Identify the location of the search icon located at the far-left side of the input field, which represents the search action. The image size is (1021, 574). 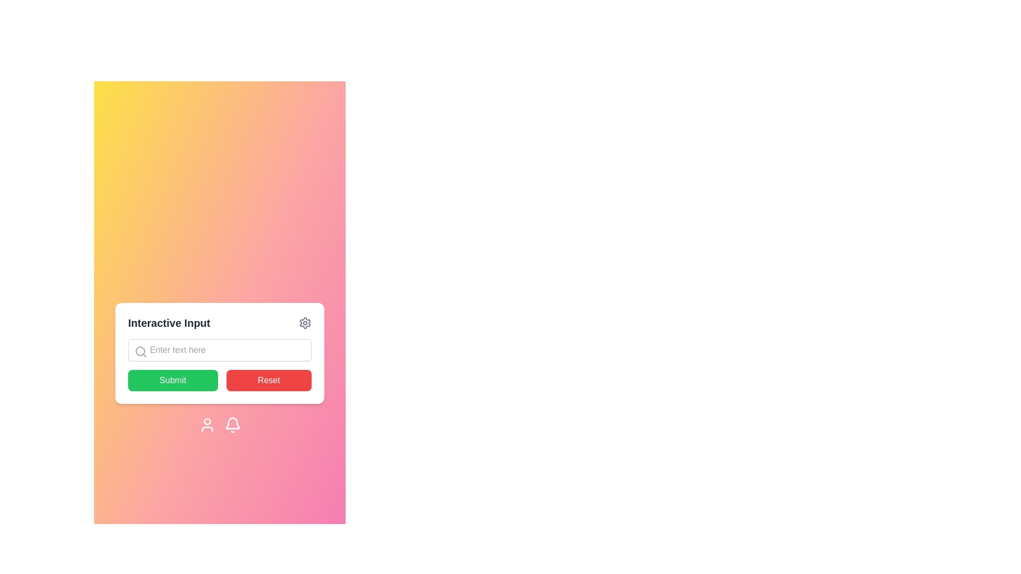
(140, 352).